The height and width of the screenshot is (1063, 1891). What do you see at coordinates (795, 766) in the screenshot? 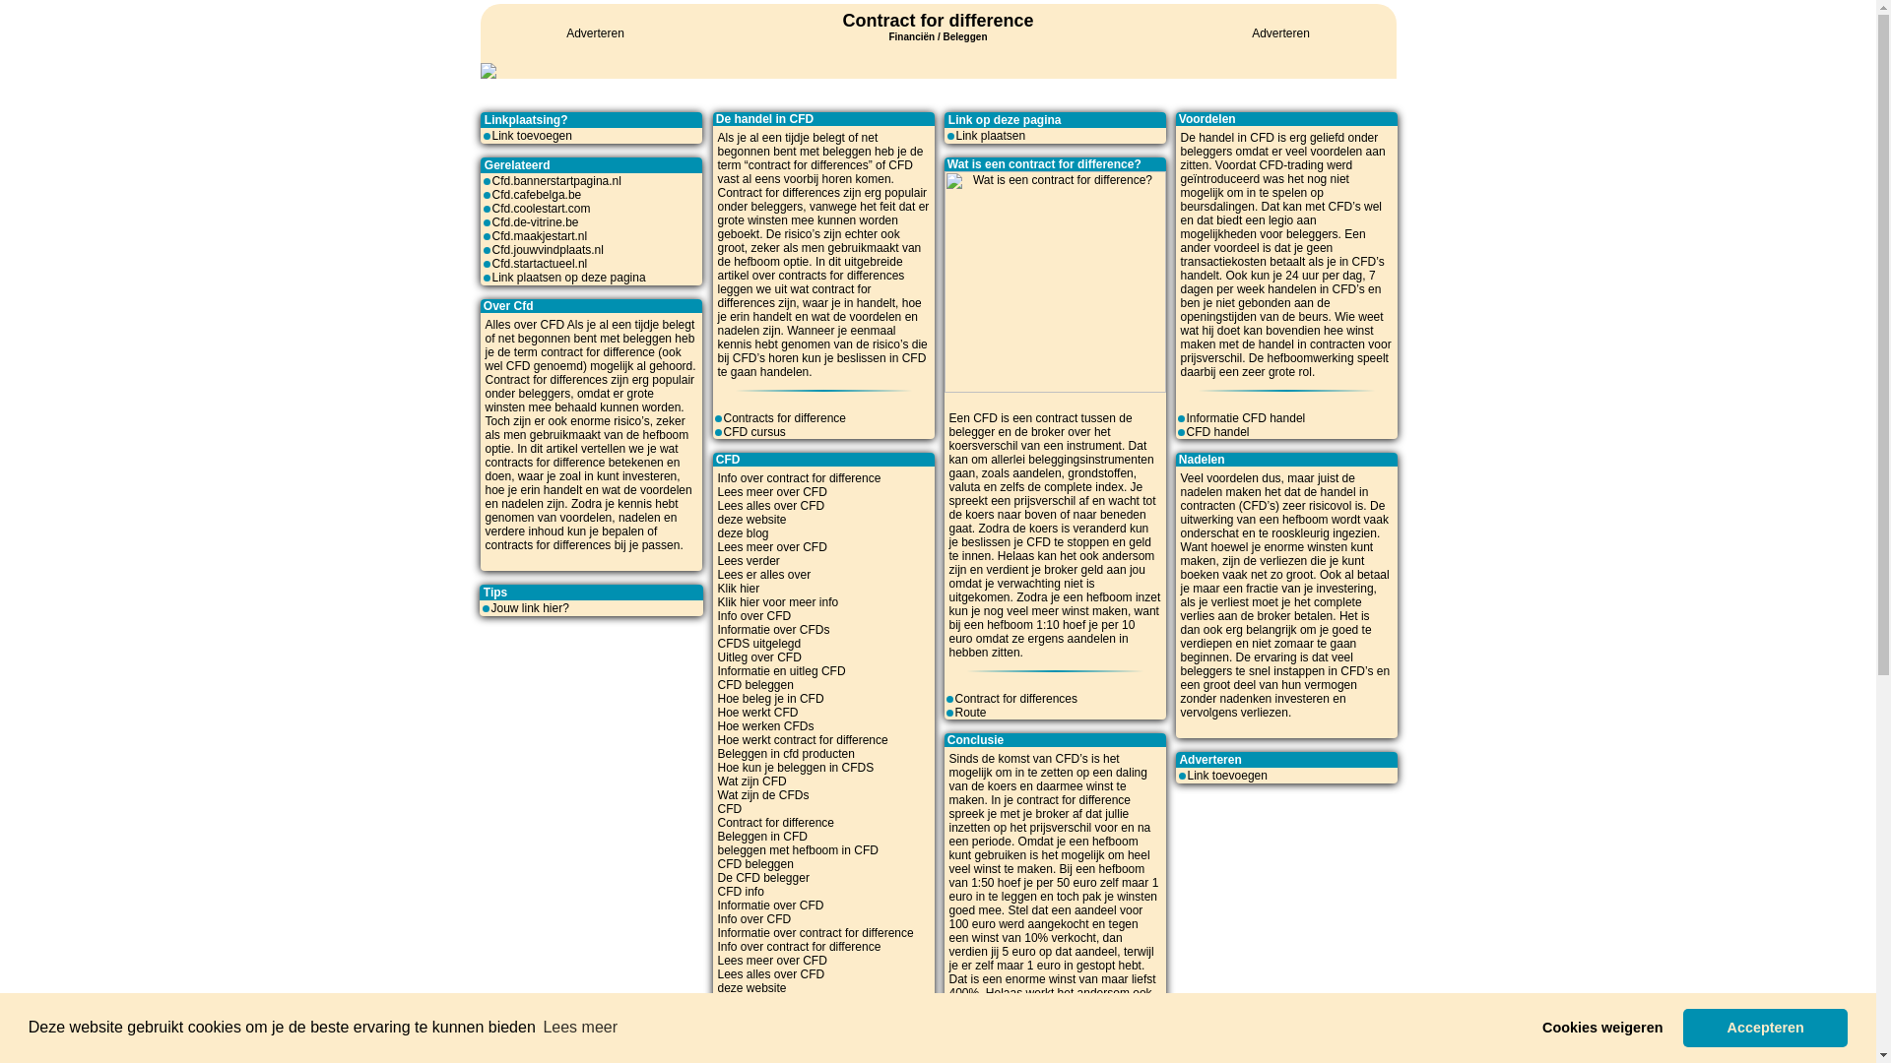
I see `'Hoe kun je beleggen in CFDS'` at bounding box center [795, 766].